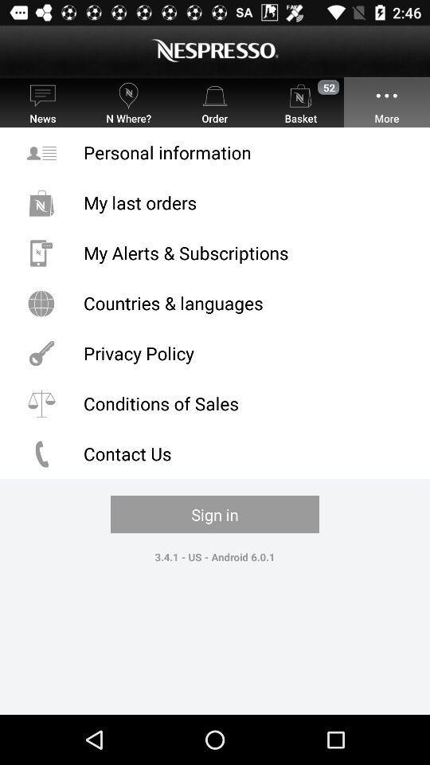  Describe the element at coordinates (215, 353) in the screenshot. I see `the item below the countries & languages icon` at that location.